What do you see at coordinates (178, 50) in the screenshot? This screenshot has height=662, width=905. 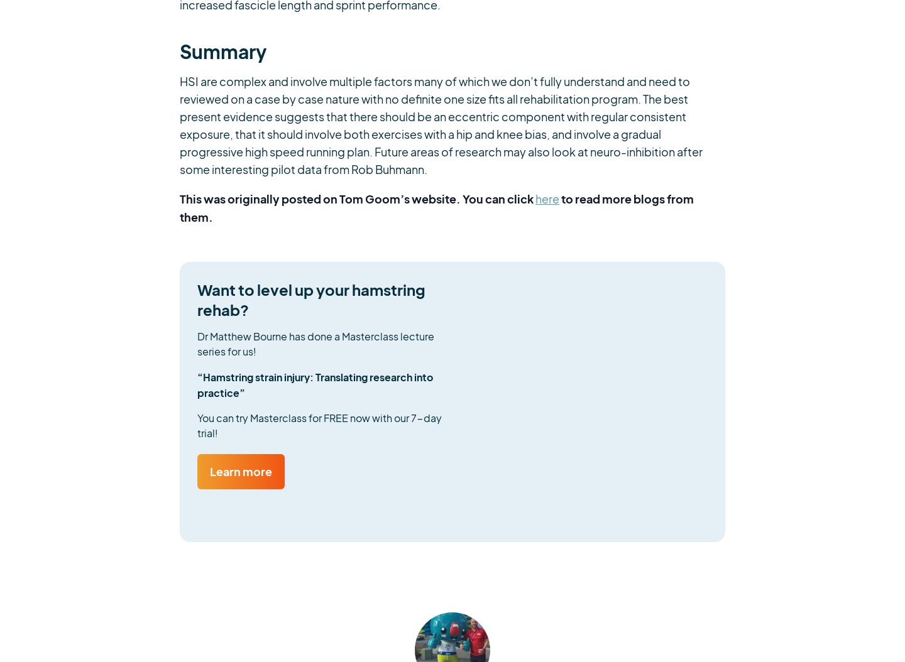 I see `'Summary'` at bounding box center [178, 50].